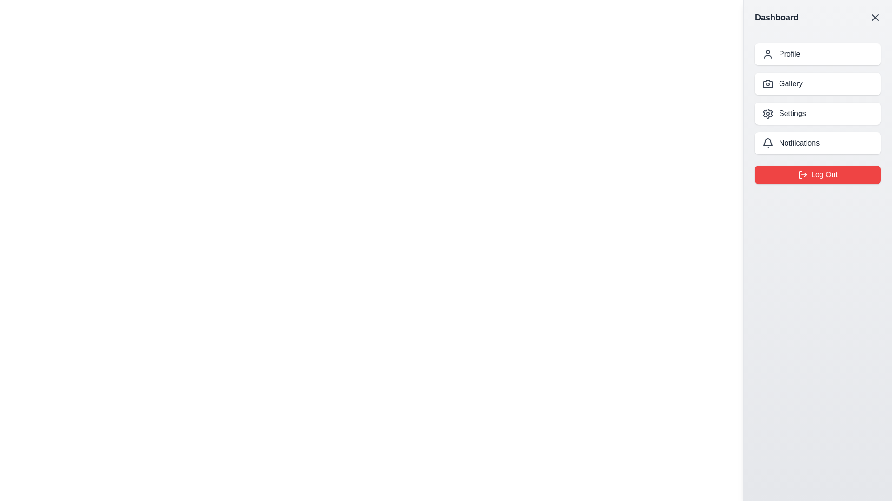 This screenshot has width=892, height=501. What do you see at coordinates (767, 84) in the screenshot?
I see `the camera-shaped icon located in the sidebar menu` at bounding box center [767, 84].